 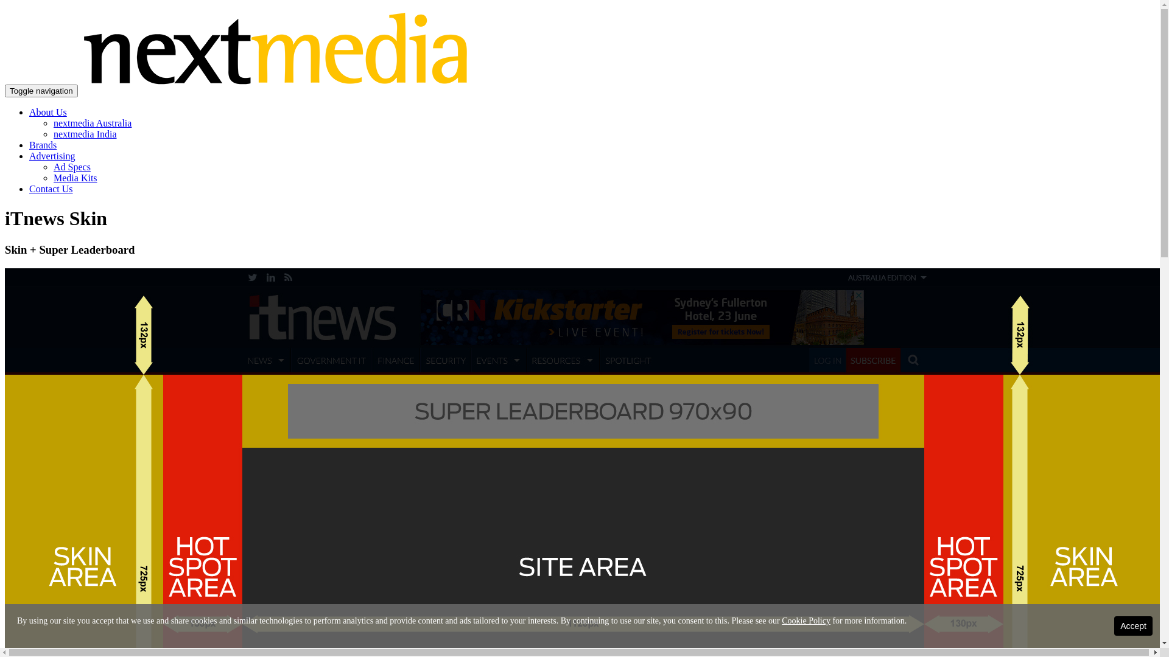 I want to click on 'Brands', so click(x=43, y=144).